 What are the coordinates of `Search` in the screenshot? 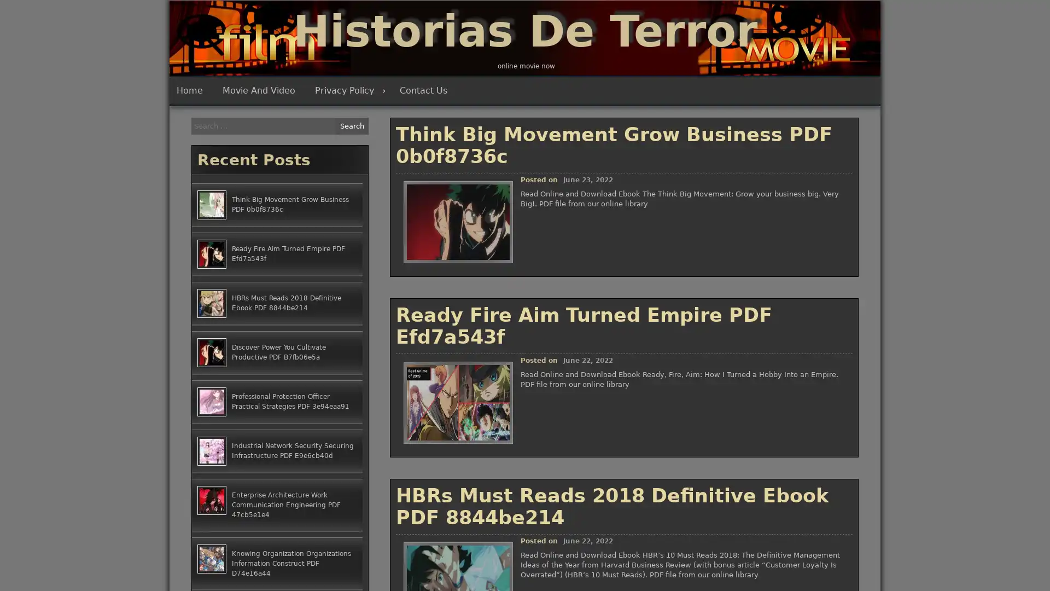 It's located at (352, 125).